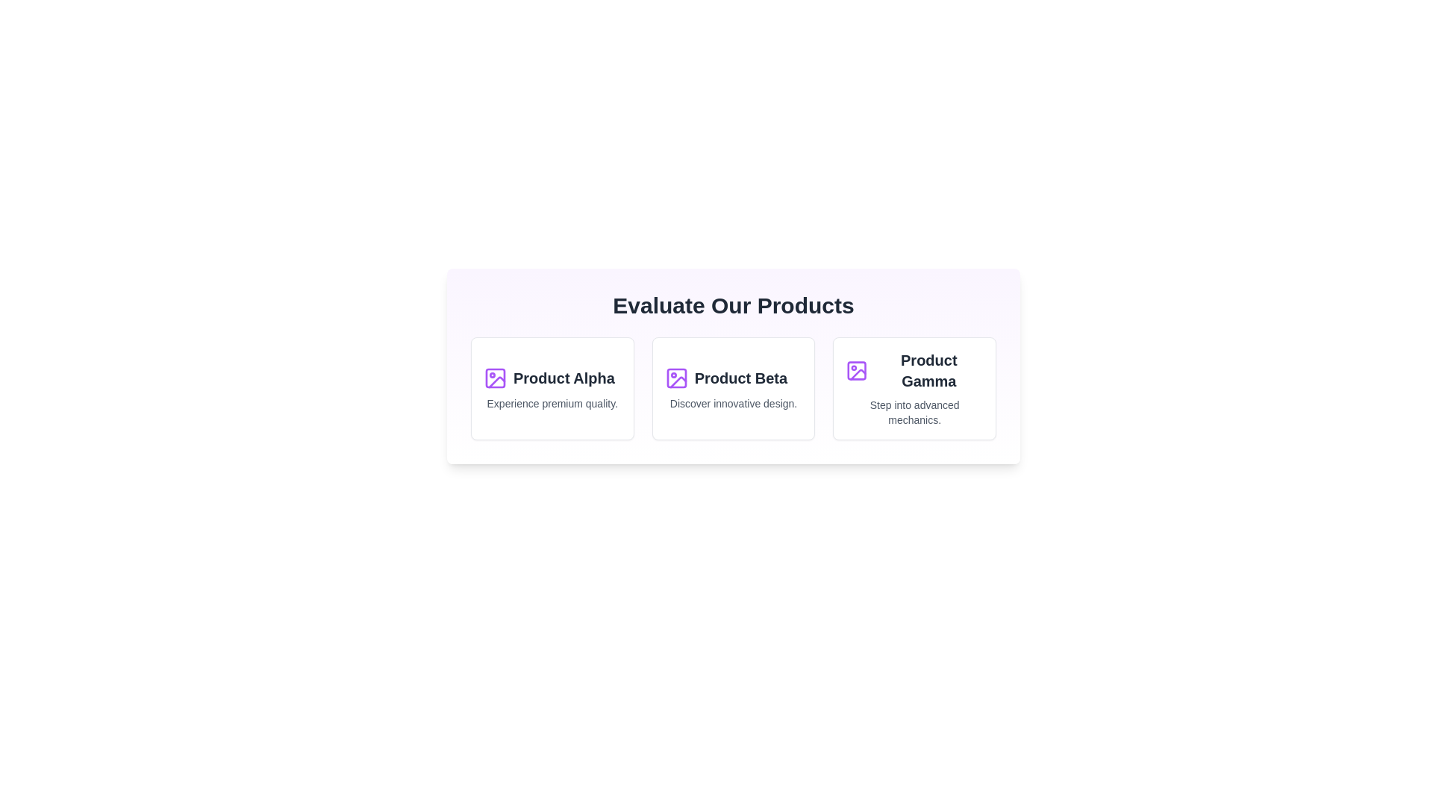  Describe the element at coordinates (734, 377) in the screenshot. I see `title text element which identifies the product as 'Product Beta', positioned centrally among three horizontally aligned product cards` at that location.